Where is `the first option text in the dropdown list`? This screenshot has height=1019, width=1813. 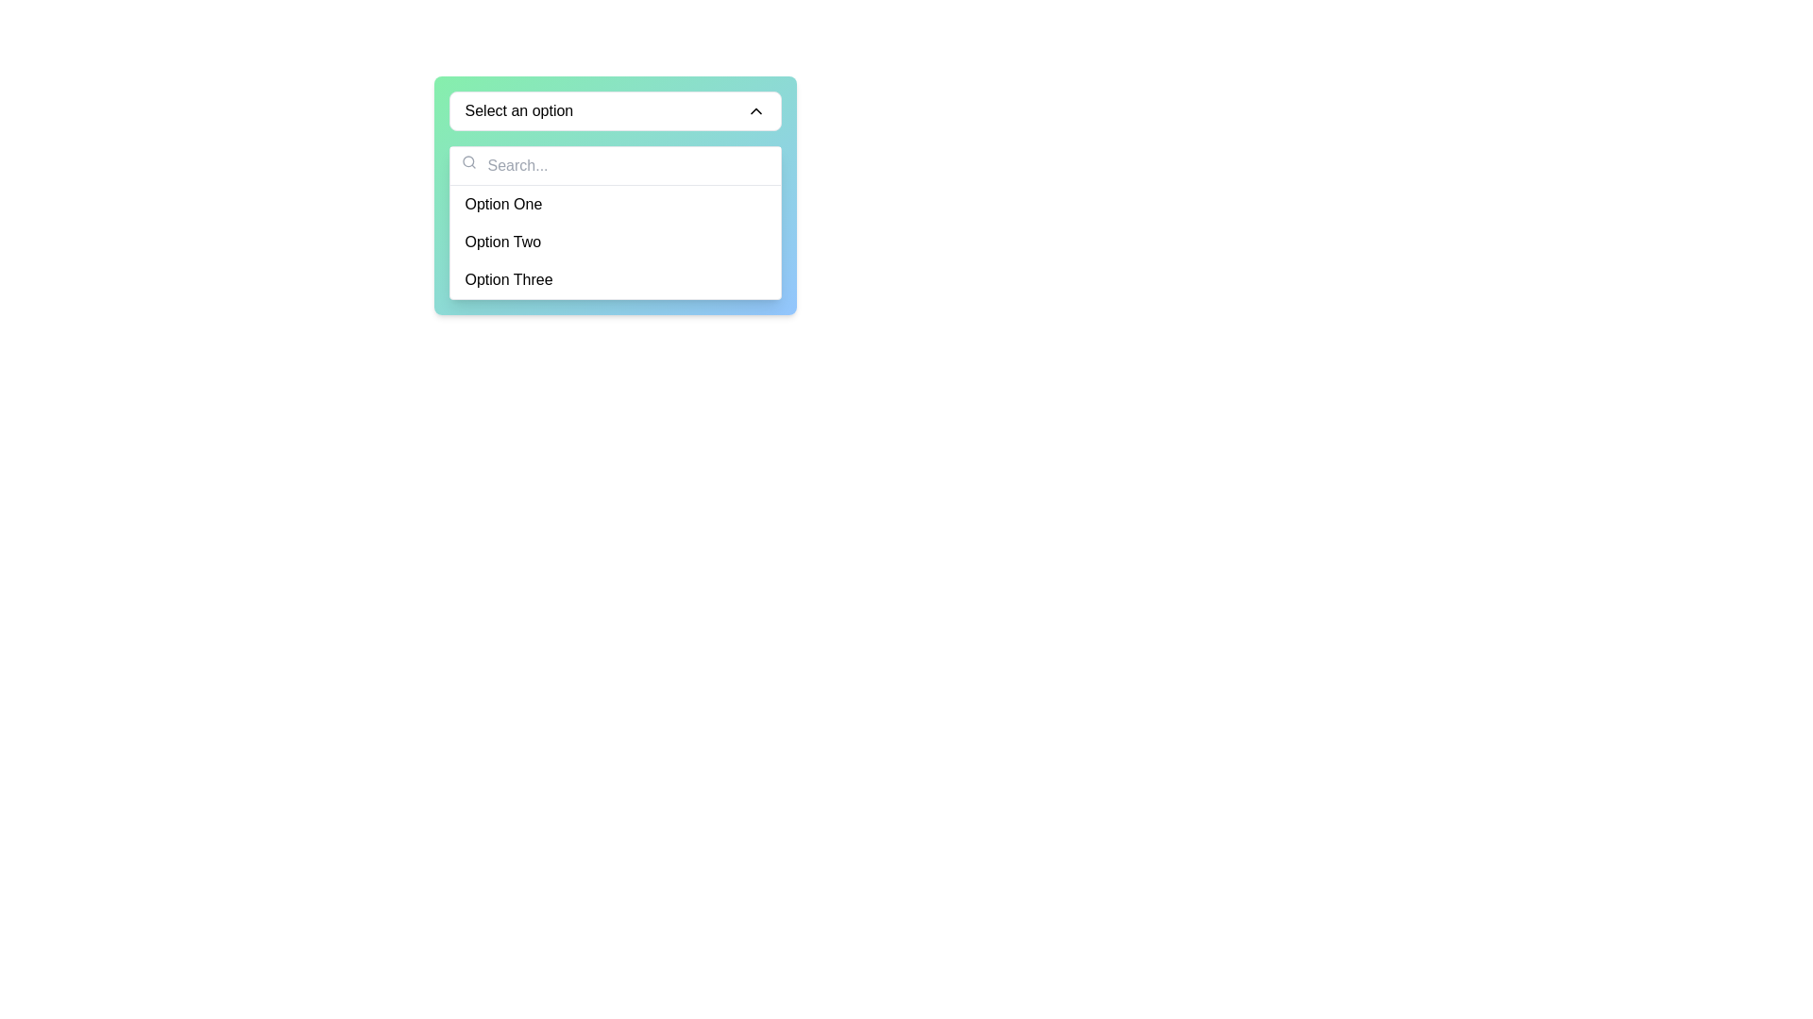
the first option text in the dropdown list is located at coordinates (503, 204).